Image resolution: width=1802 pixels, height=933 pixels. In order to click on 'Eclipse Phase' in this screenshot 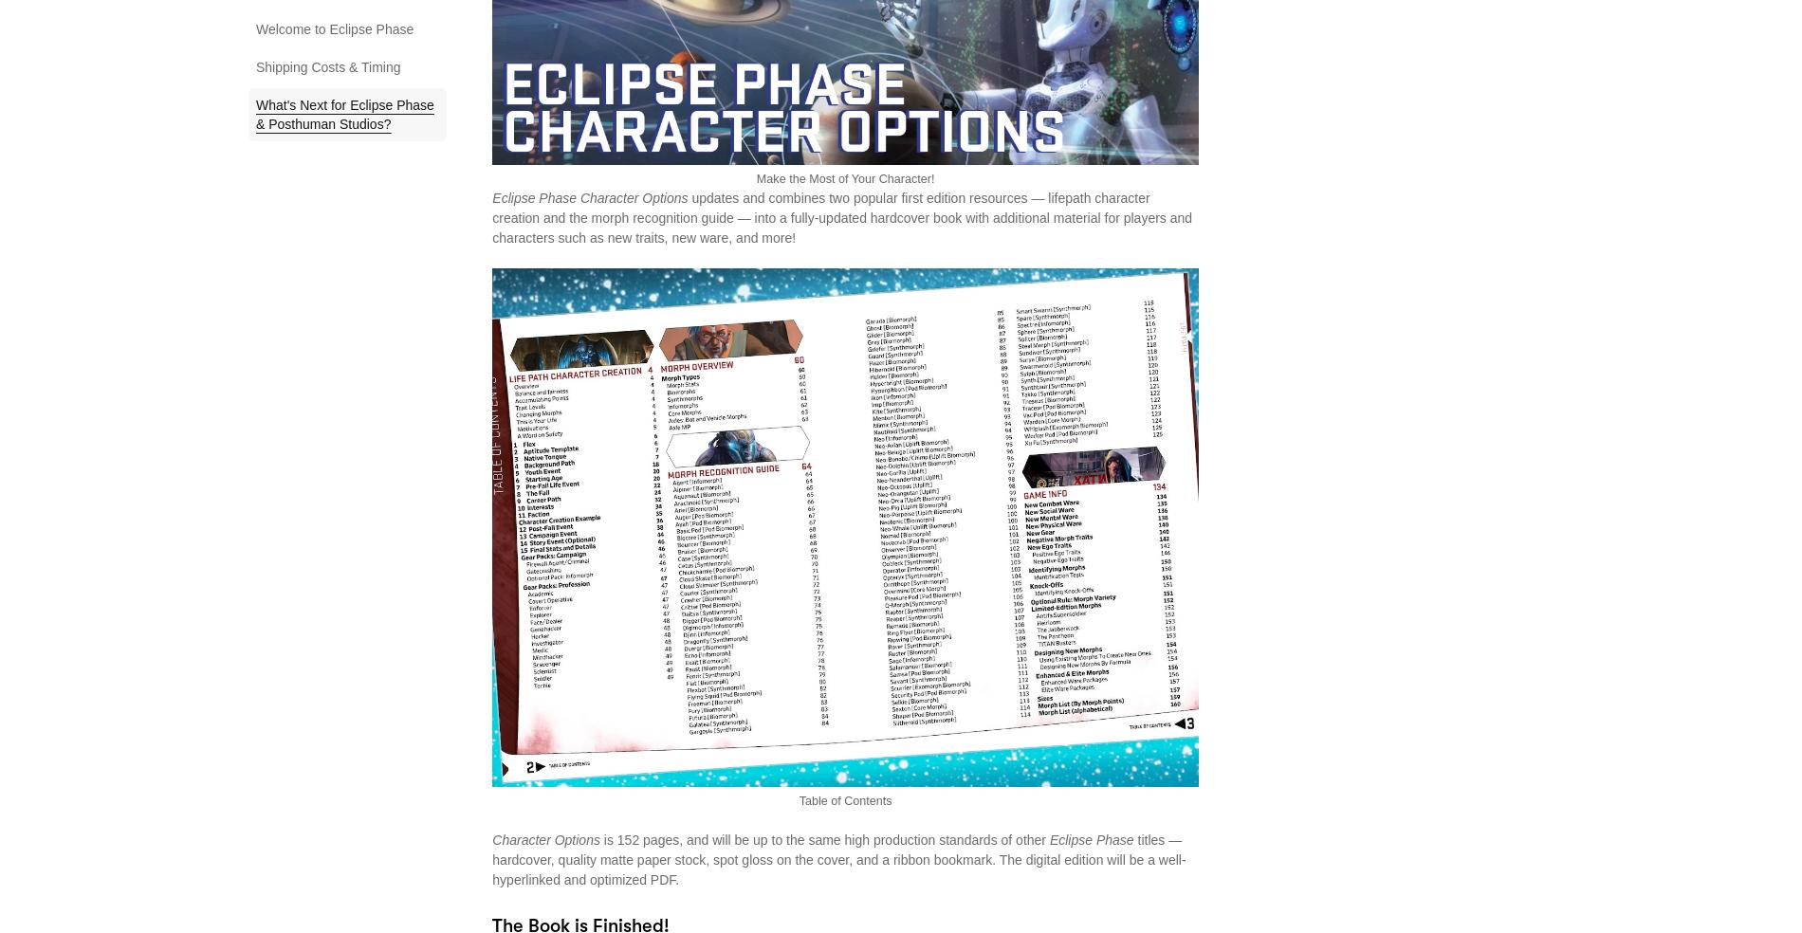, I will do `click(1091, 839)`.